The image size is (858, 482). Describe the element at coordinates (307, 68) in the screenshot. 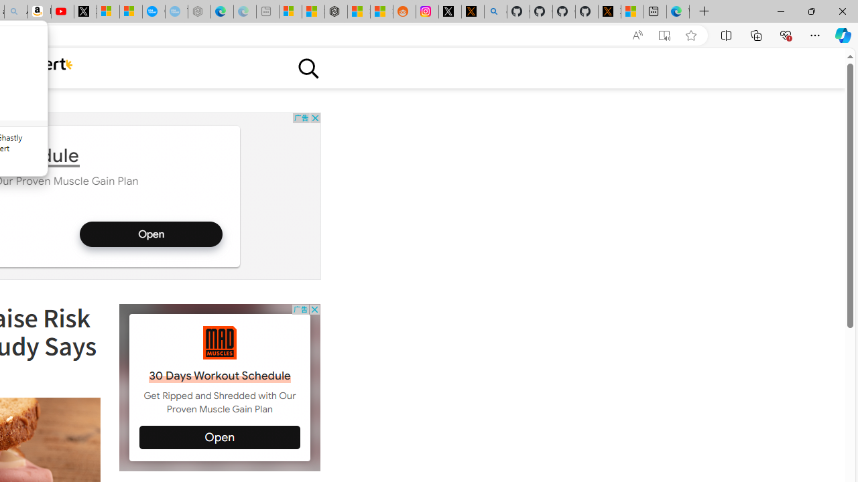

I see `'Class: sciencealert-search-desktop-svg '` at that location.